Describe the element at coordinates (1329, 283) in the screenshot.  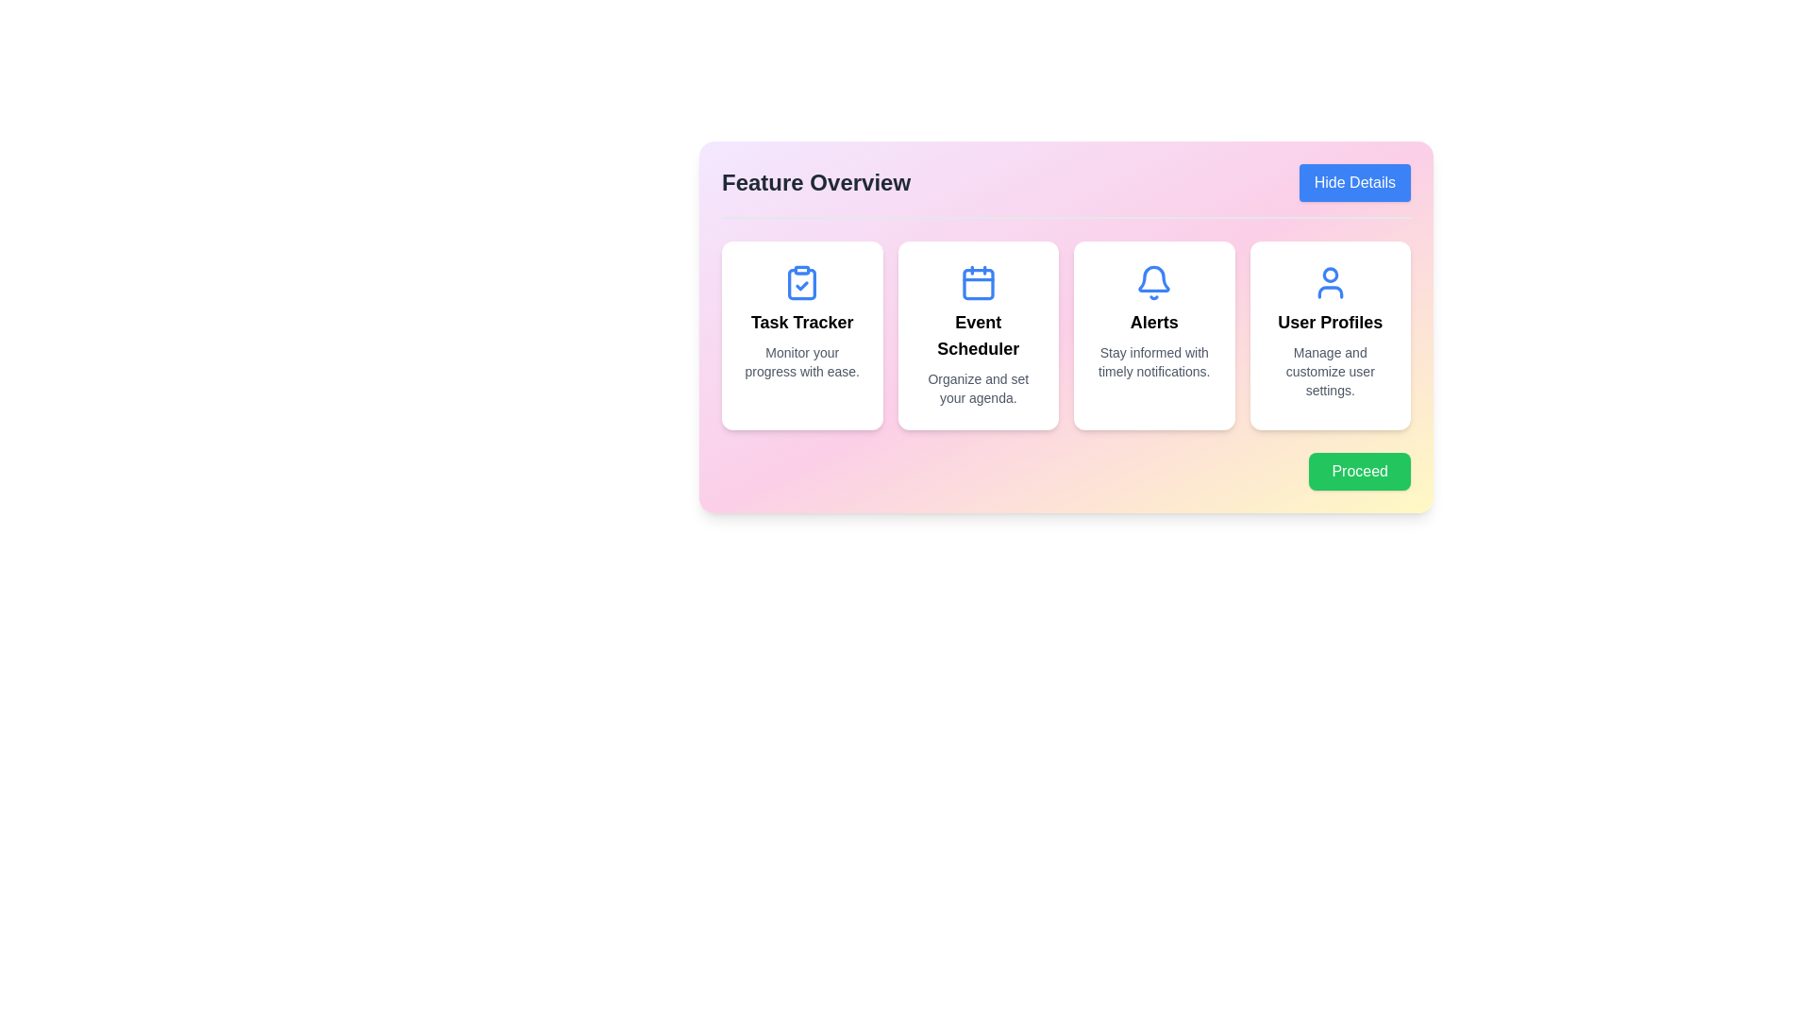
I see `the user icon with a blue outline located at the bottom-right of the 'User Profiles' card under the 'Feature Overview' heading` at that location.